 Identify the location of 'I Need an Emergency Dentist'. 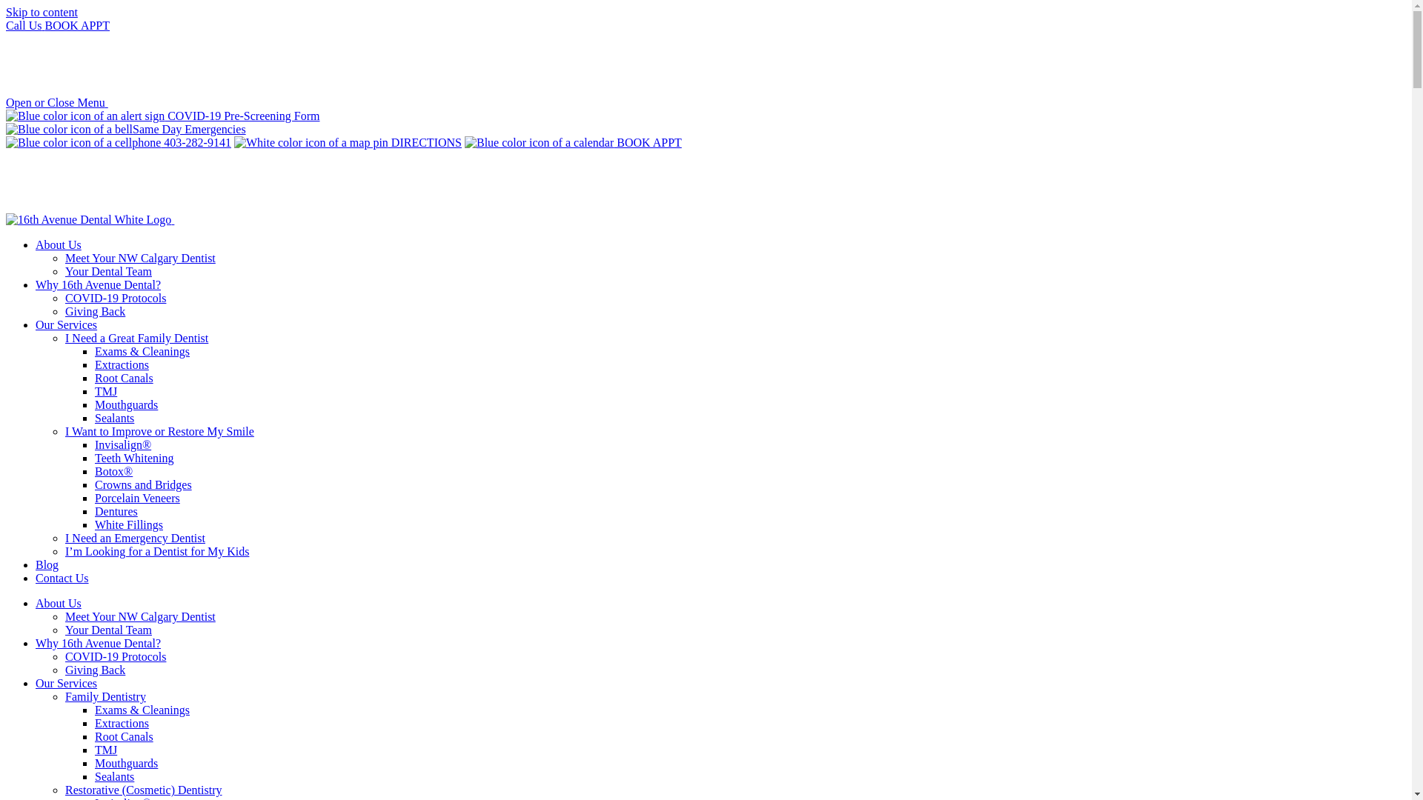
(135, 538).